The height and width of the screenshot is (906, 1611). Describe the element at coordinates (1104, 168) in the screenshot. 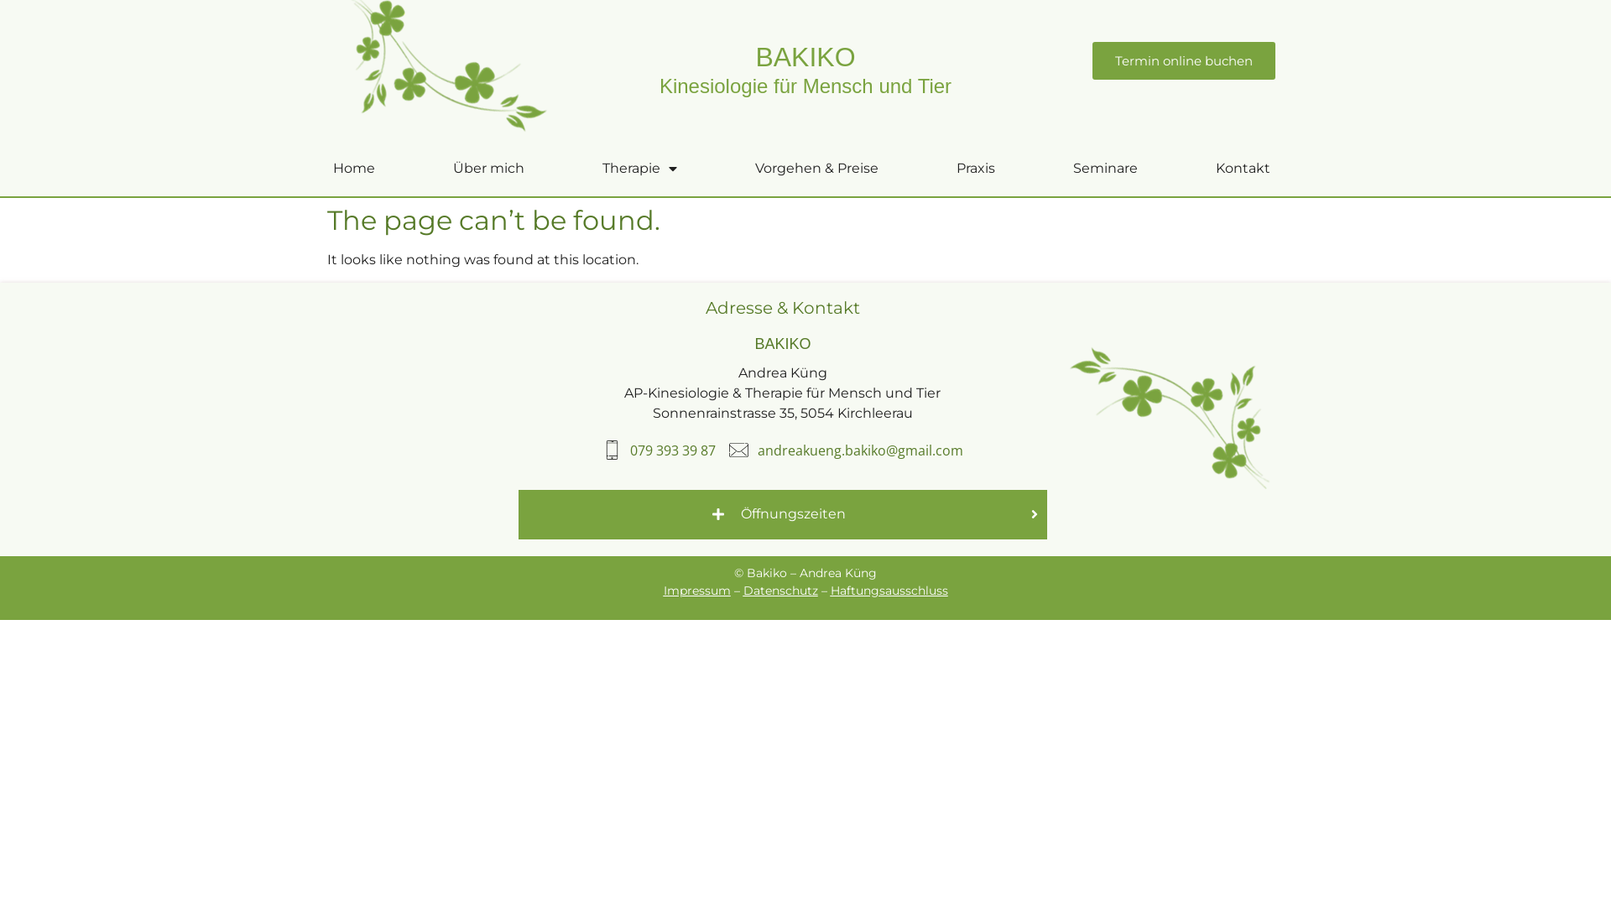

I see `'Seminare'` at that location.